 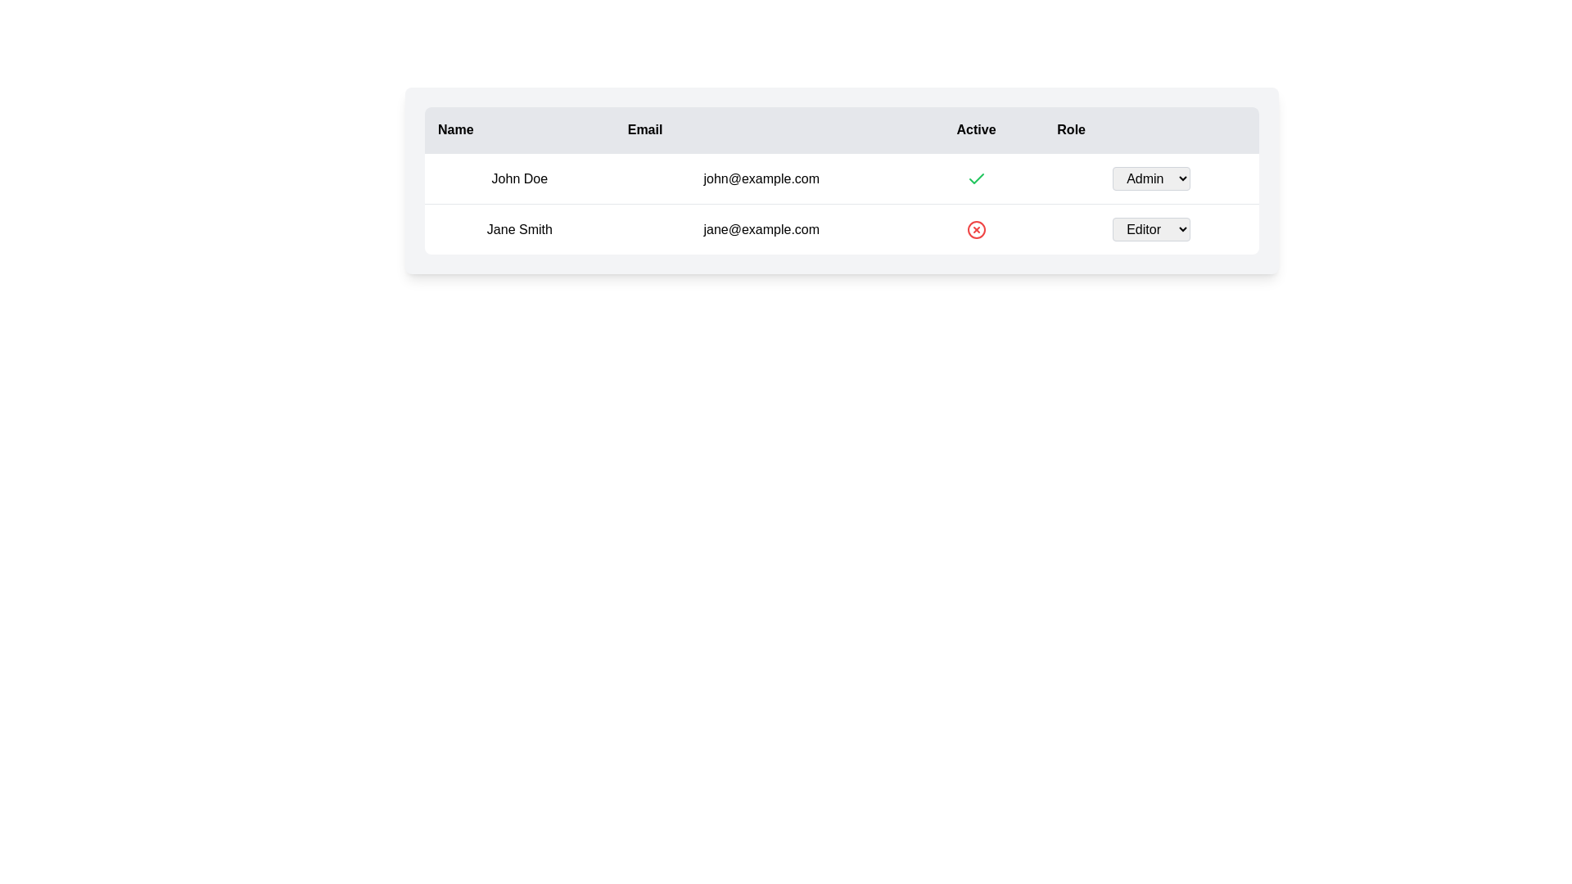 I want to click on the active status icon for user John Doe, which has a visual check mark indicating the active state, so click(x=976, y=178).